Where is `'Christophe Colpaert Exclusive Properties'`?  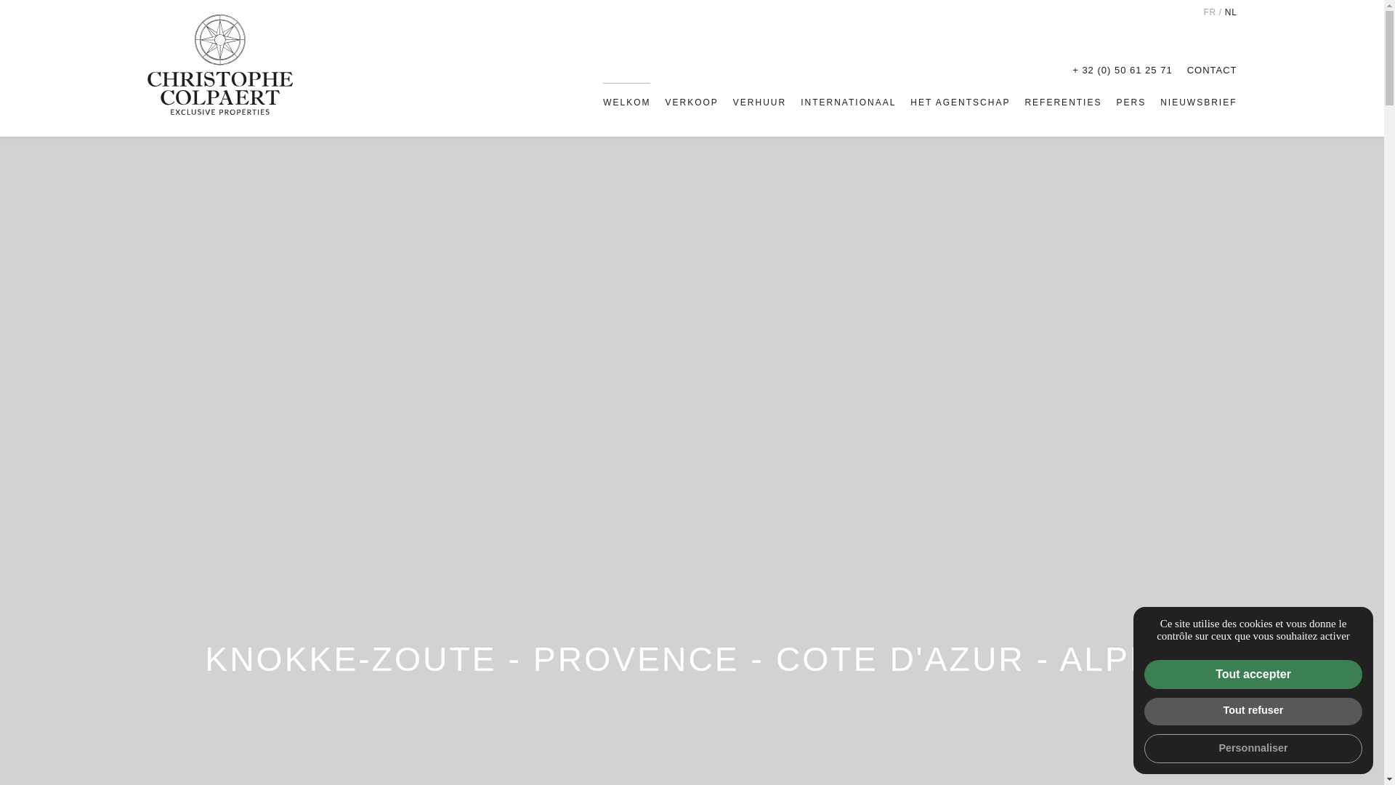
'Christophe Colpaert Exclusive Properties' is located at coordinates (146, 63).